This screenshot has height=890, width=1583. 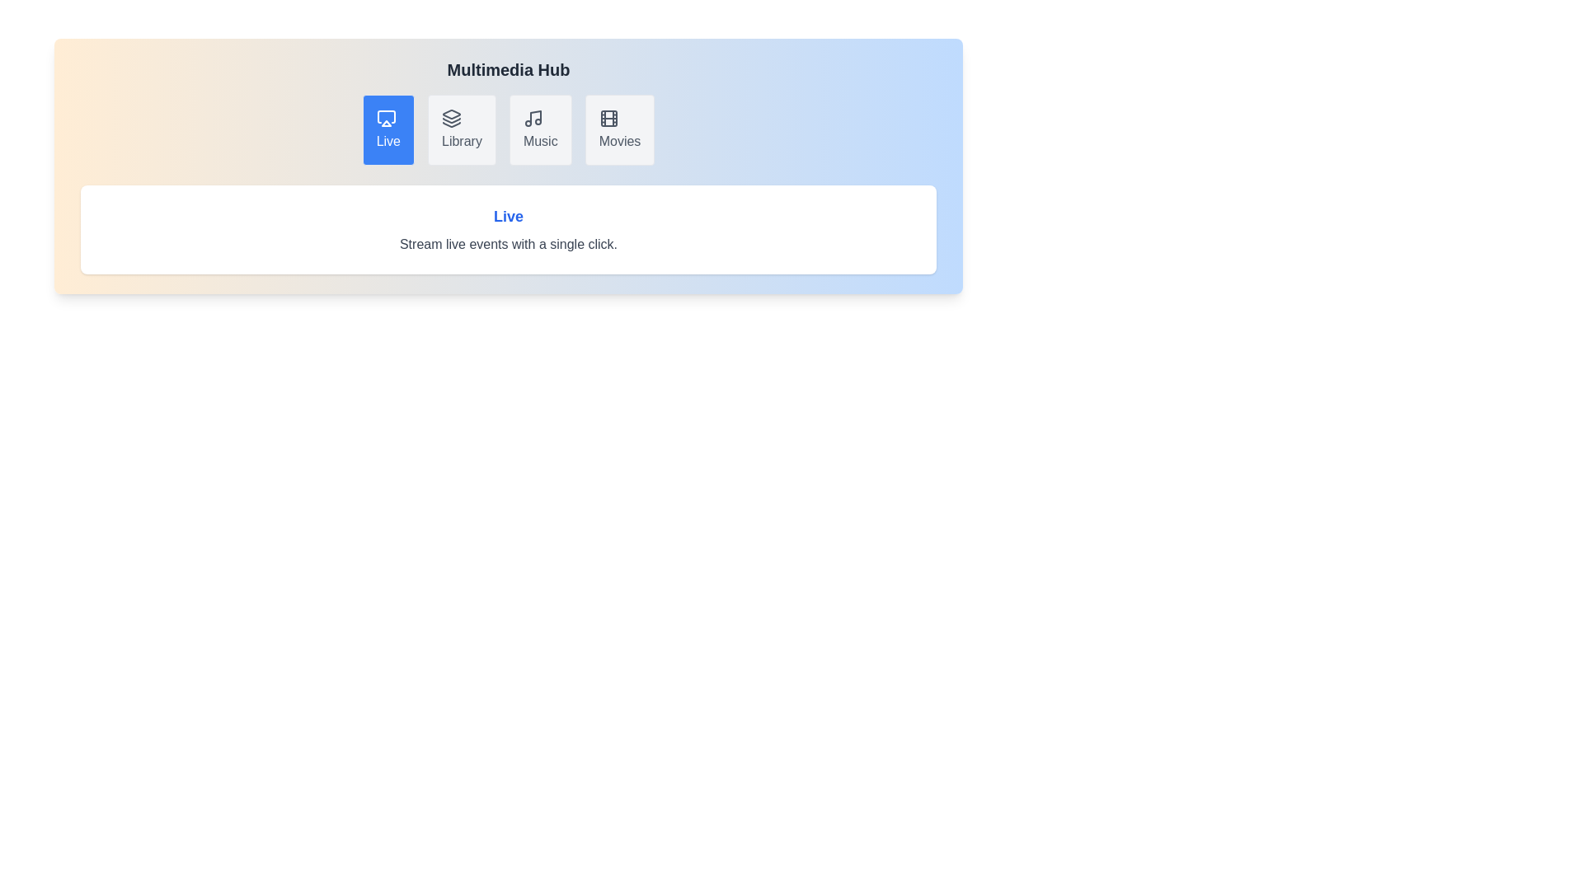 I want to click on the tab labeled Live to view its content, so click(x=387, y=129).